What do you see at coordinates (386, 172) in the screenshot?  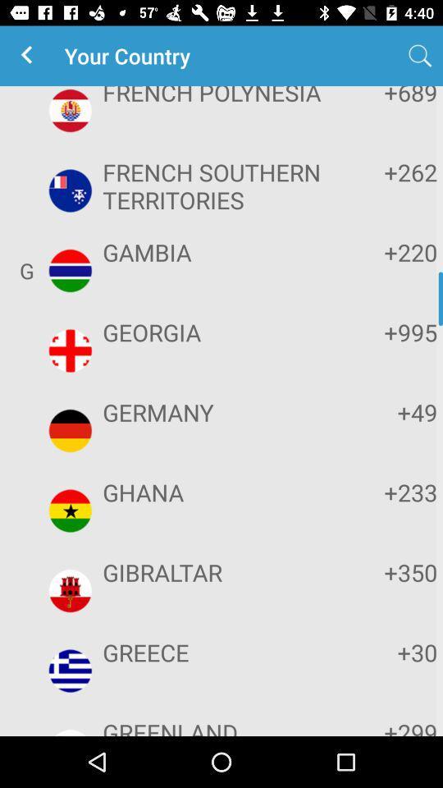 I see `+262 item` at bounding box center [386, 172].